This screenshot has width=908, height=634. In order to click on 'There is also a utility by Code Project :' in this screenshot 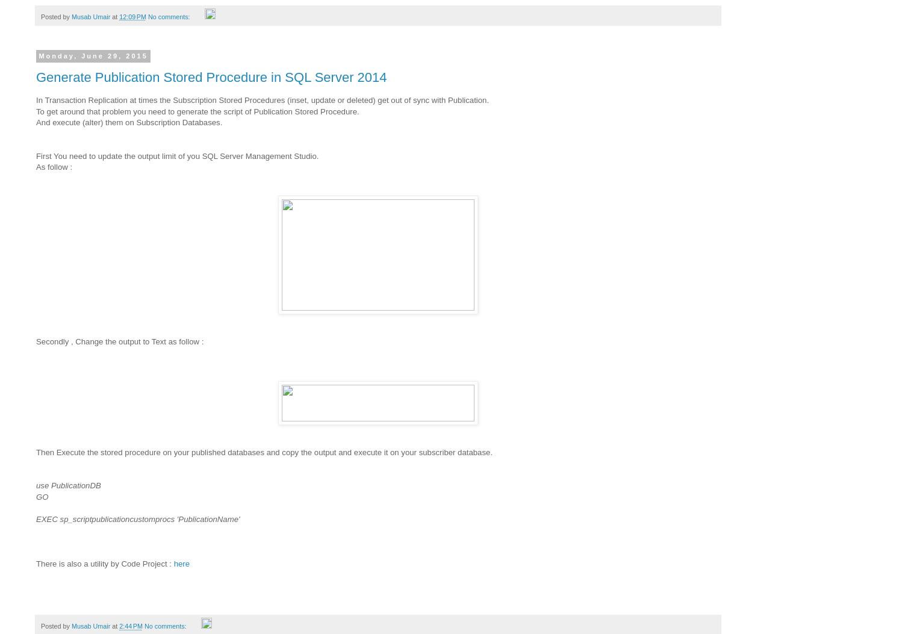, I will do `click(105, 562)`.